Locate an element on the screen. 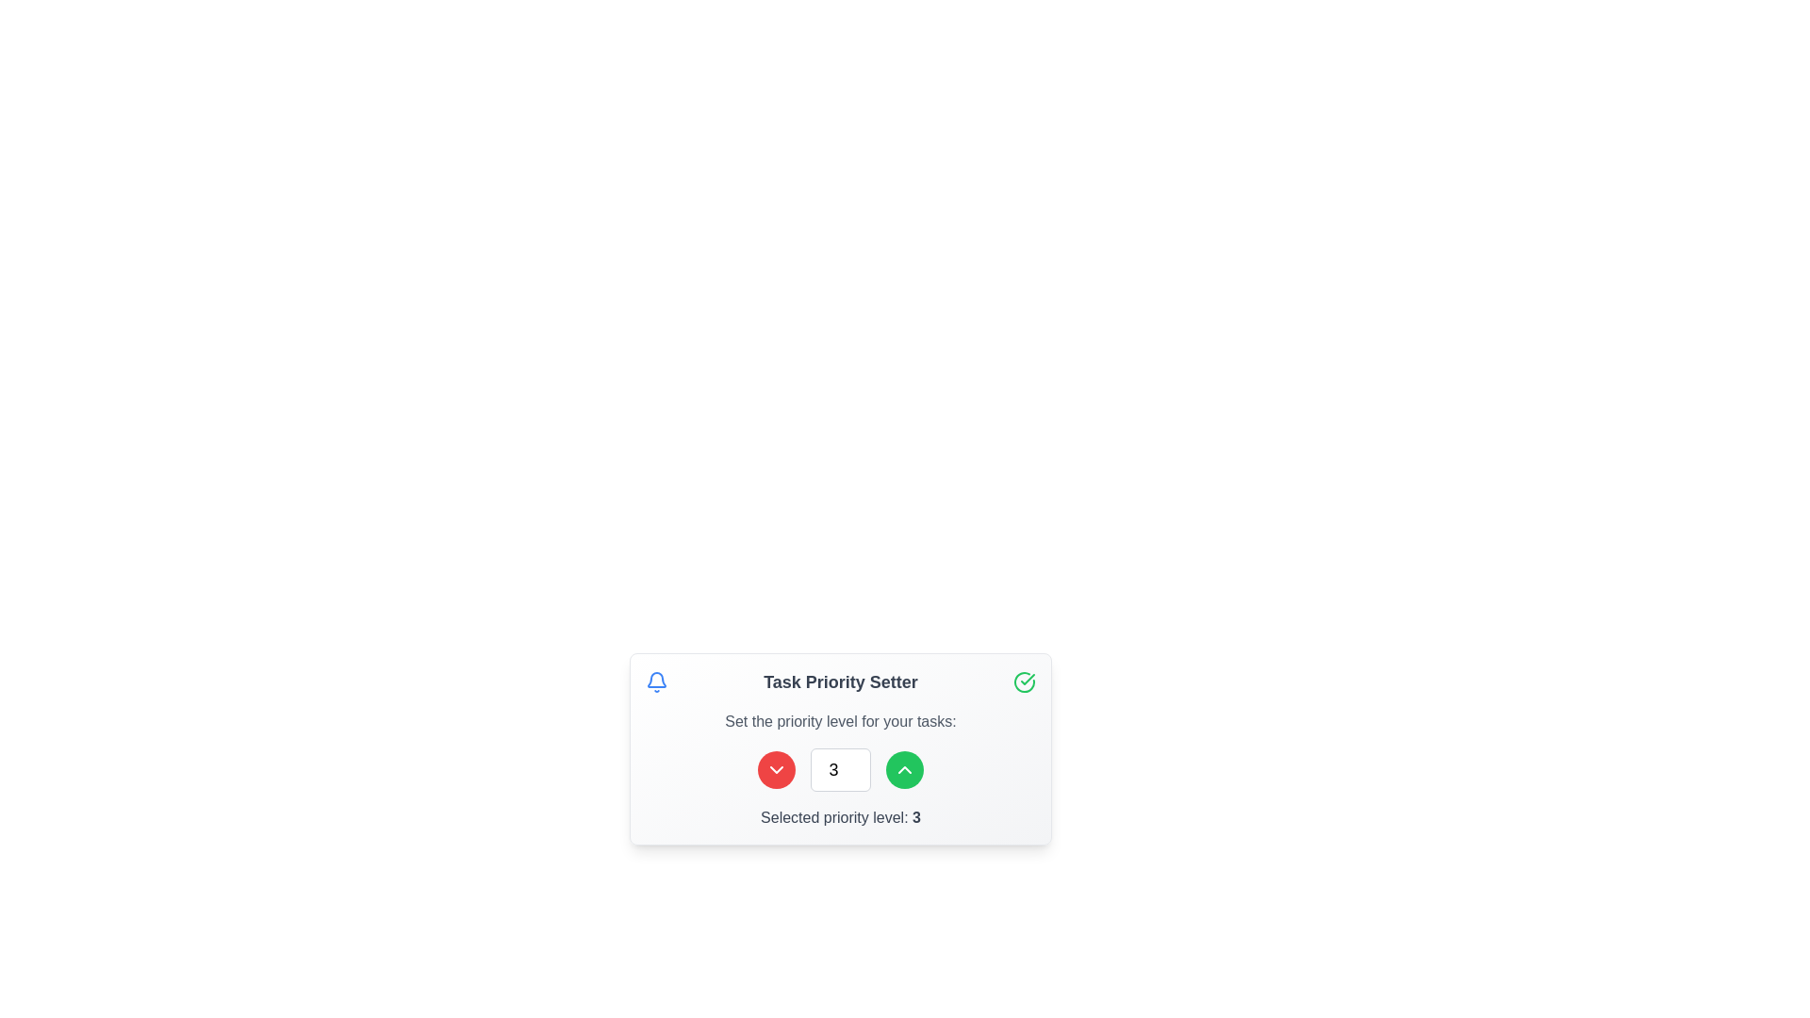 Image resolution: width=1810 pixels, height=1018 pixels. text label that displays 'Set the priority level for your tasks:' located at the top-middle of the 'Task Priority Setter' card is located at coordinates (840, 721).